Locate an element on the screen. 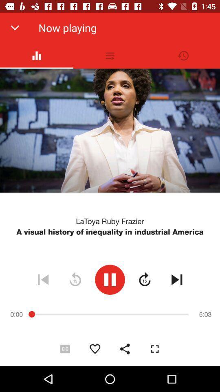 The width and height of the screenshot is (220, 392). the a visual history item is located at coordinates (110, 232).